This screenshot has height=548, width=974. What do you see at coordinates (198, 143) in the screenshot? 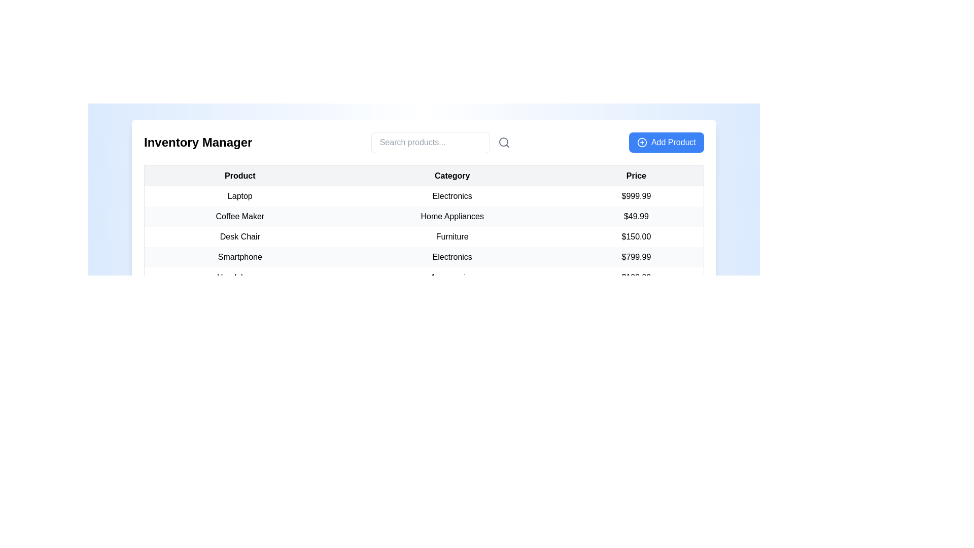
I see `the text label displaying 'Inventory Manager', which is located at the top-left corner of the horizontal bar in the UI` at bounding box center [198, 143].